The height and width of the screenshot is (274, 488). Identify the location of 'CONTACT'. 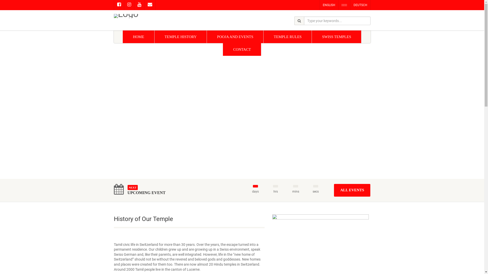
(223, 49).